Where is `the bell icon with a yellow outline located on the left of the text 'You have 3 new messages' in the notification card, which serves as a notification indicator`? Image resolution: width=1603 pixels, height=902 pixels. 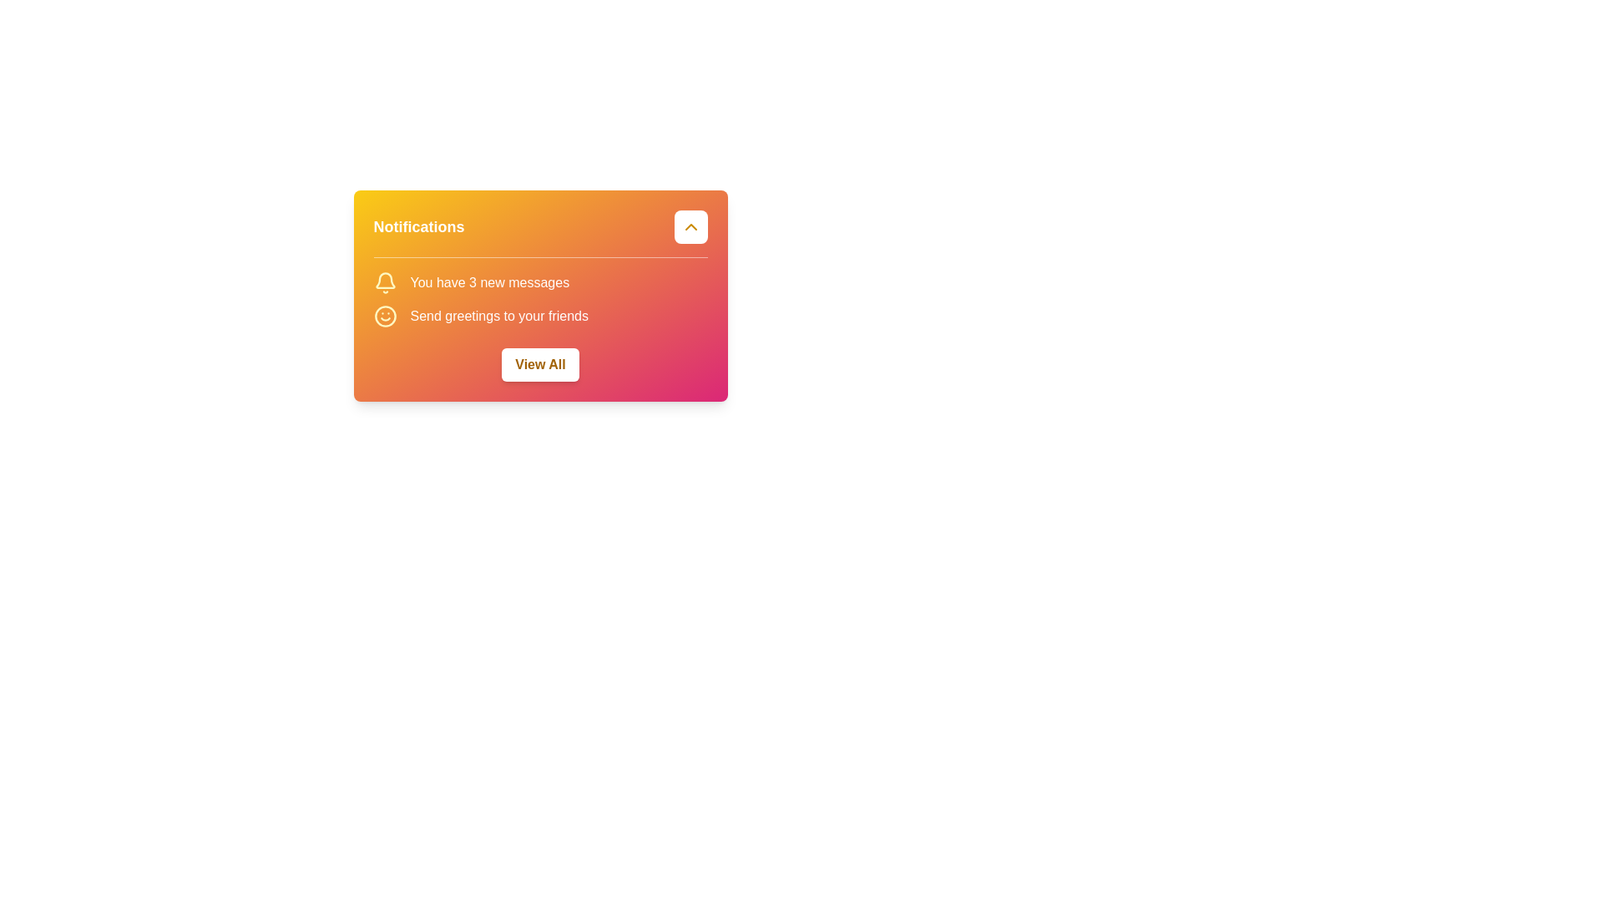
the bell icon with a yellow outline located on the left of the text 'You have 3 new messages' in the notification card, which serves as a notification indicator is located at coordinates (384, 282).